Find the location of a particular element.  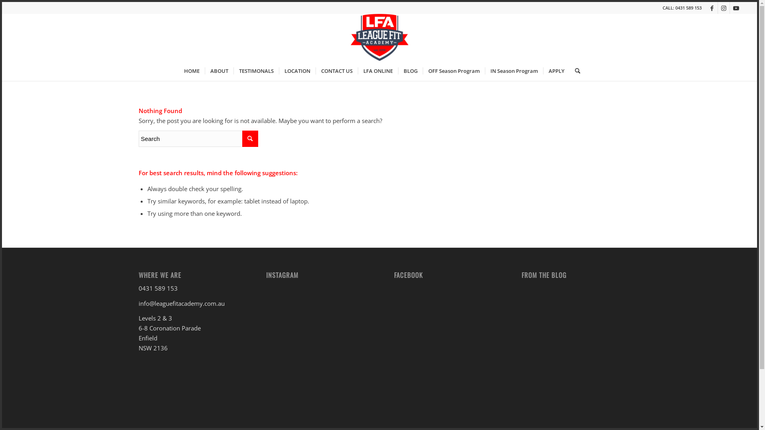

'TESTIMONALS' is located at coordinates (256, 70).